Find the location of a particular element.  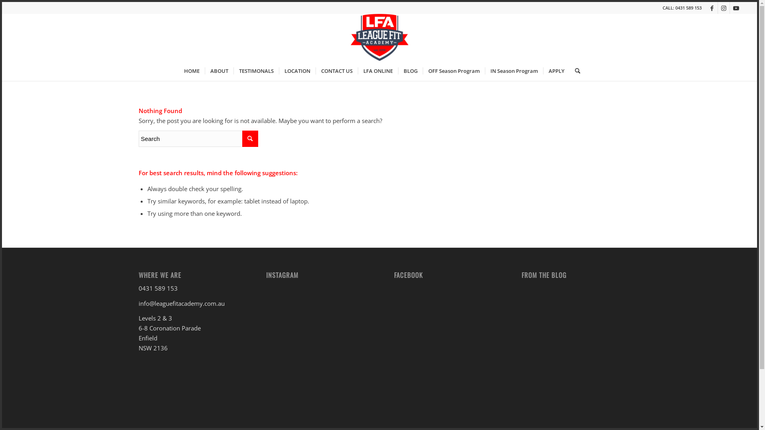

'TESTIMONALS' is located at coordinates (256, 70).